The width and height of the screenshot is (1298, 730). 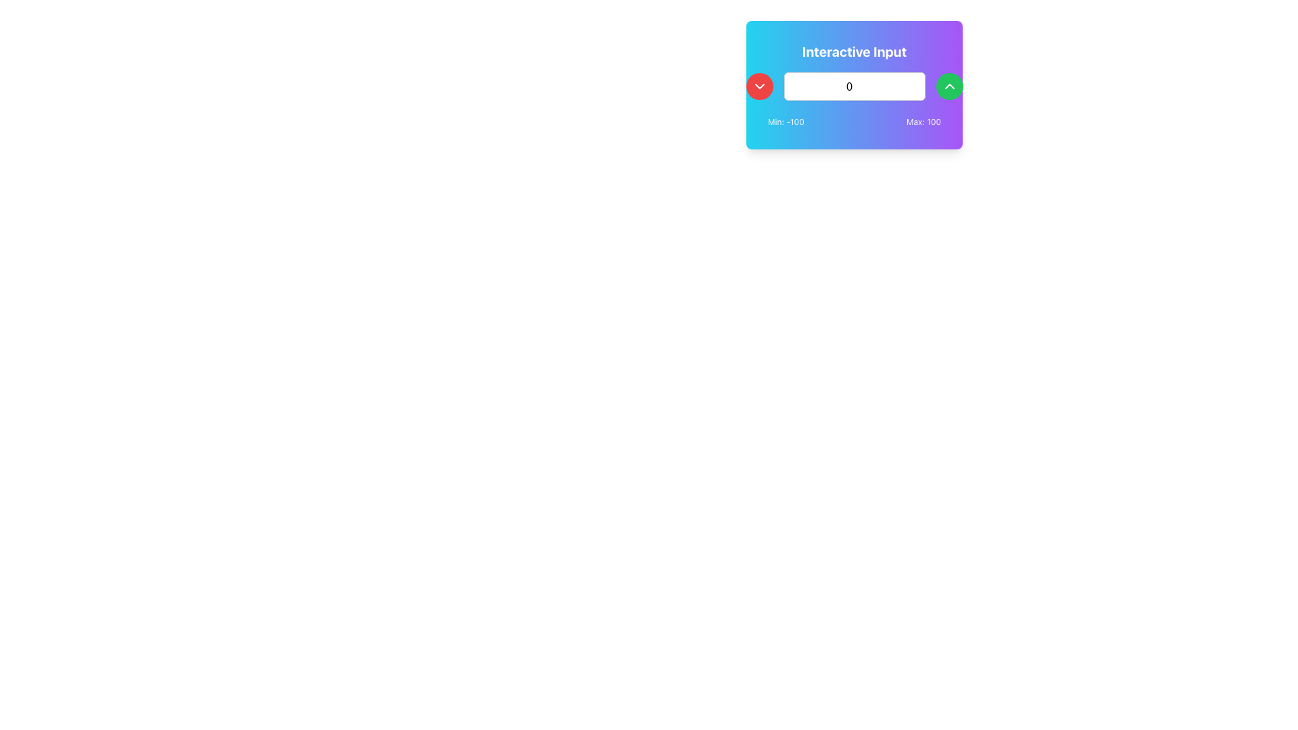 What do you see at coordinates (948, 86) in the screenshot?
I see `the increment button located at the far right of the input field to observe the hover effects` at bounding box center [948, 86].